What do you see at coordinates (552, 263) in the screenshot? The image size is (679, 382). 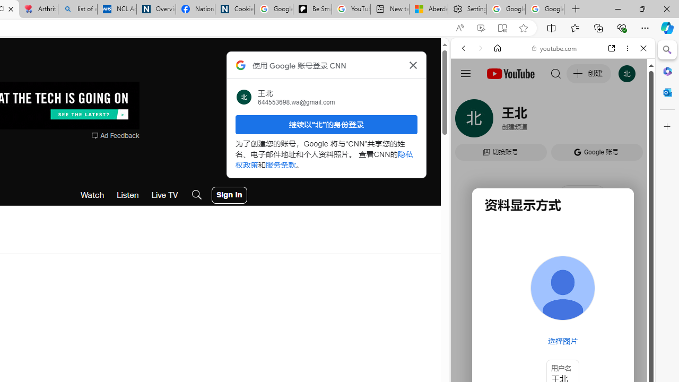 I see `'Google'` at bounding box center [552, 263].